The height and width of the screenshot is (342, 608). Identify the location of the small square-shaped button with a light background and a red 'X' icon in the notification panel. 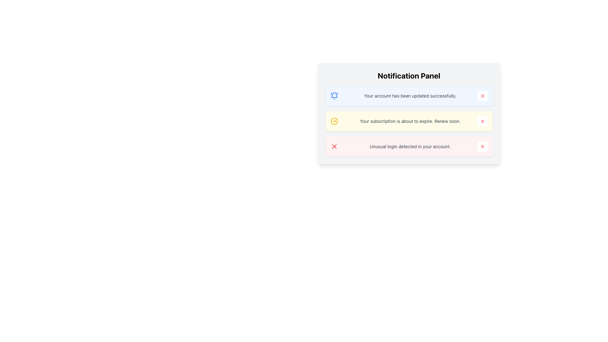
(482, 121).